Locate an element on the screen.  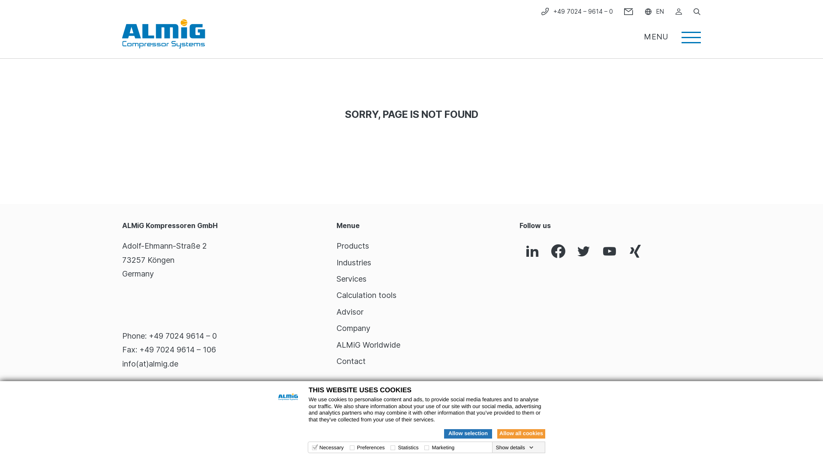
'Services' is located at coordinates (351, 279).